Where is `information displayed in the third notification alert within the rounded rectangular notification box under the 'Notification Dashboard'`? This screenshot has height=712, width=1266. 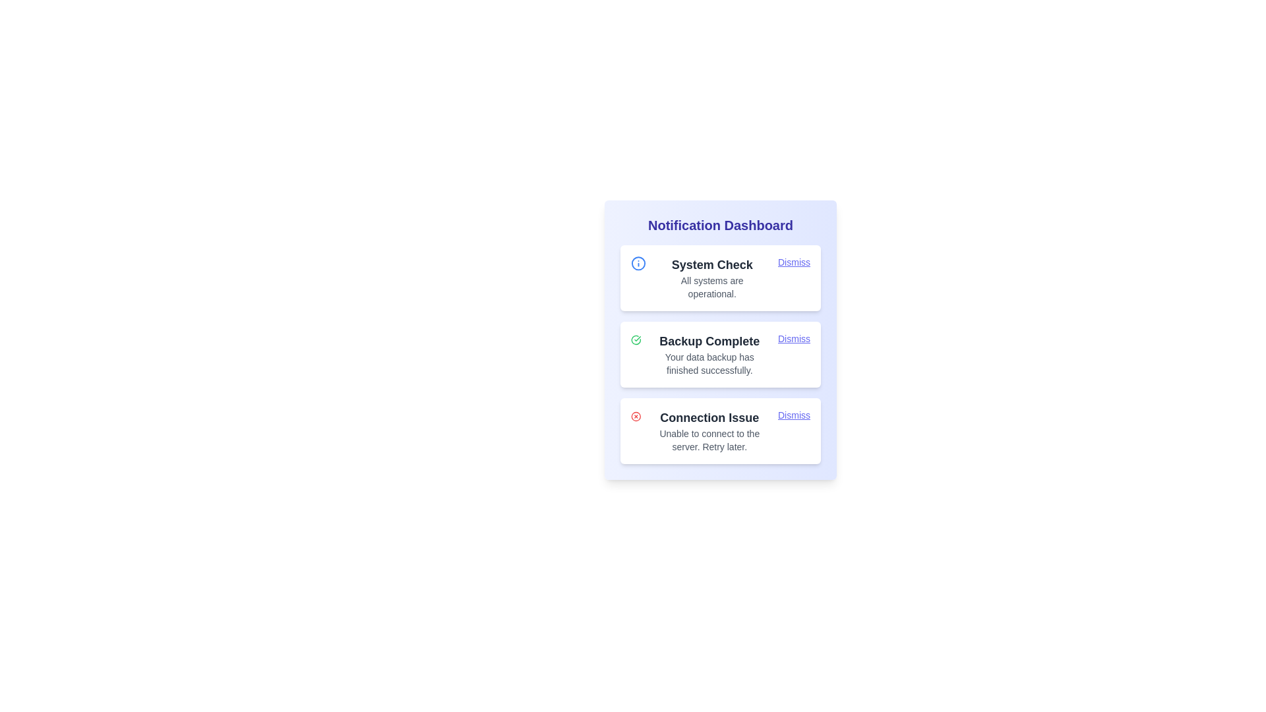 information displayed in the third notification alert within the rounded rectangular notification box under the 'Notification Dashboard' is located at coordinates (709, 431).